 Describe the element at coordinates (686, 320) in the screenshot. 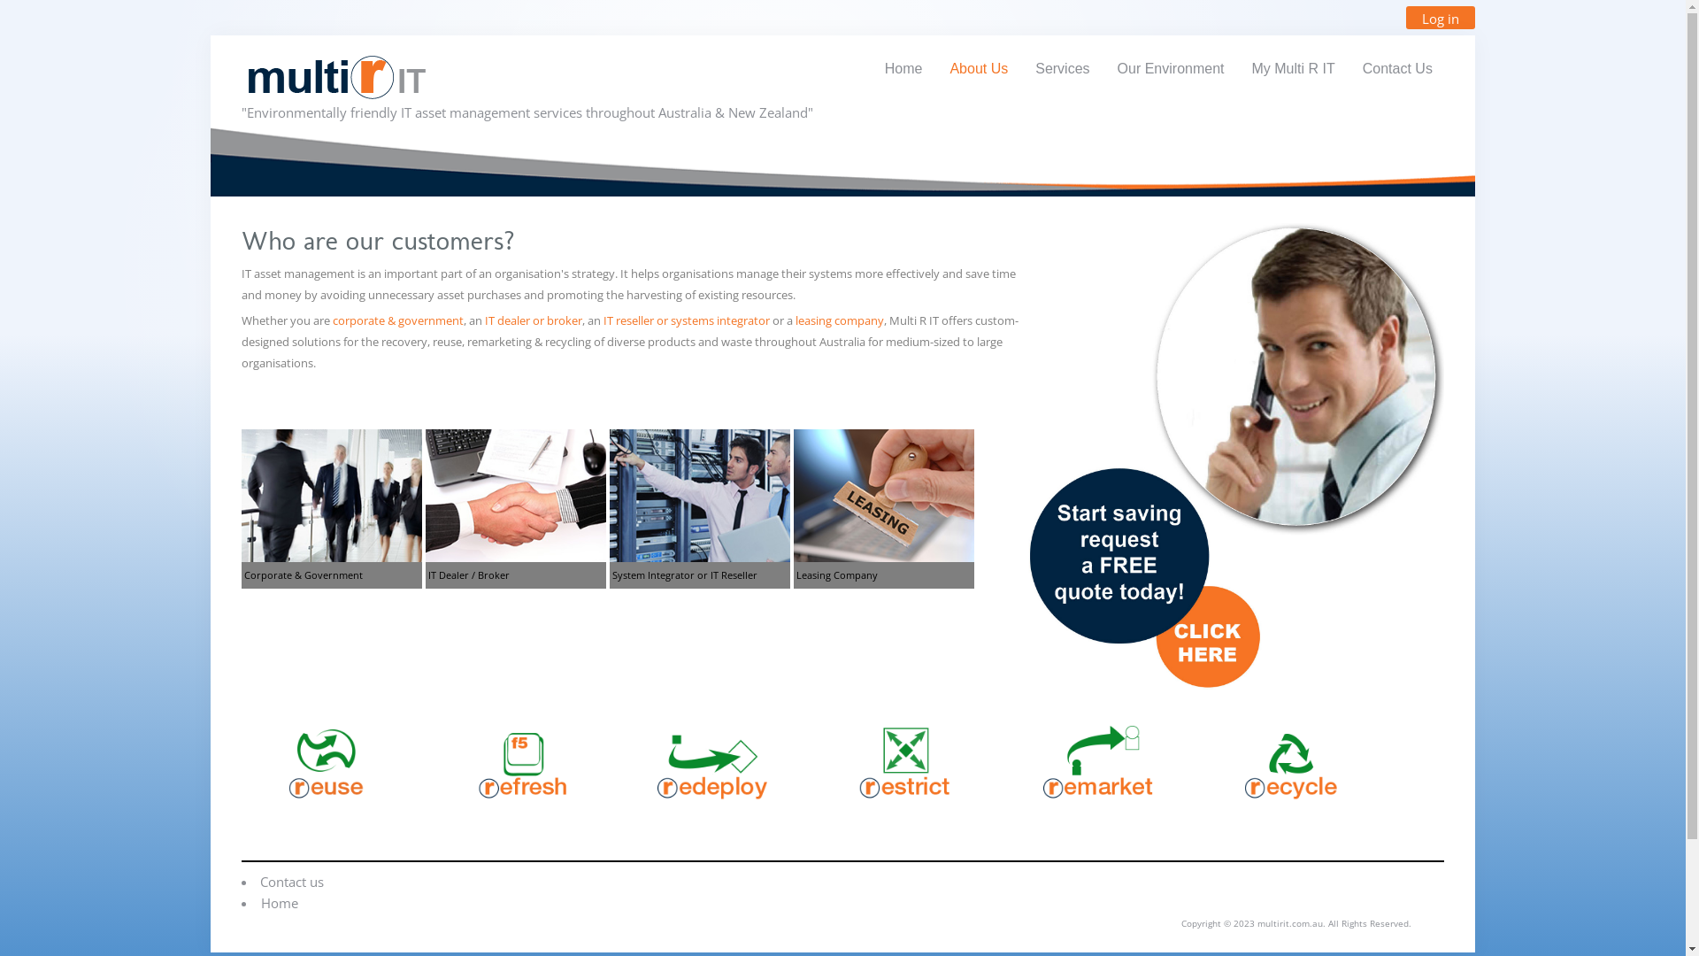

I see `'IT reseller or systems integrator'` at that location.